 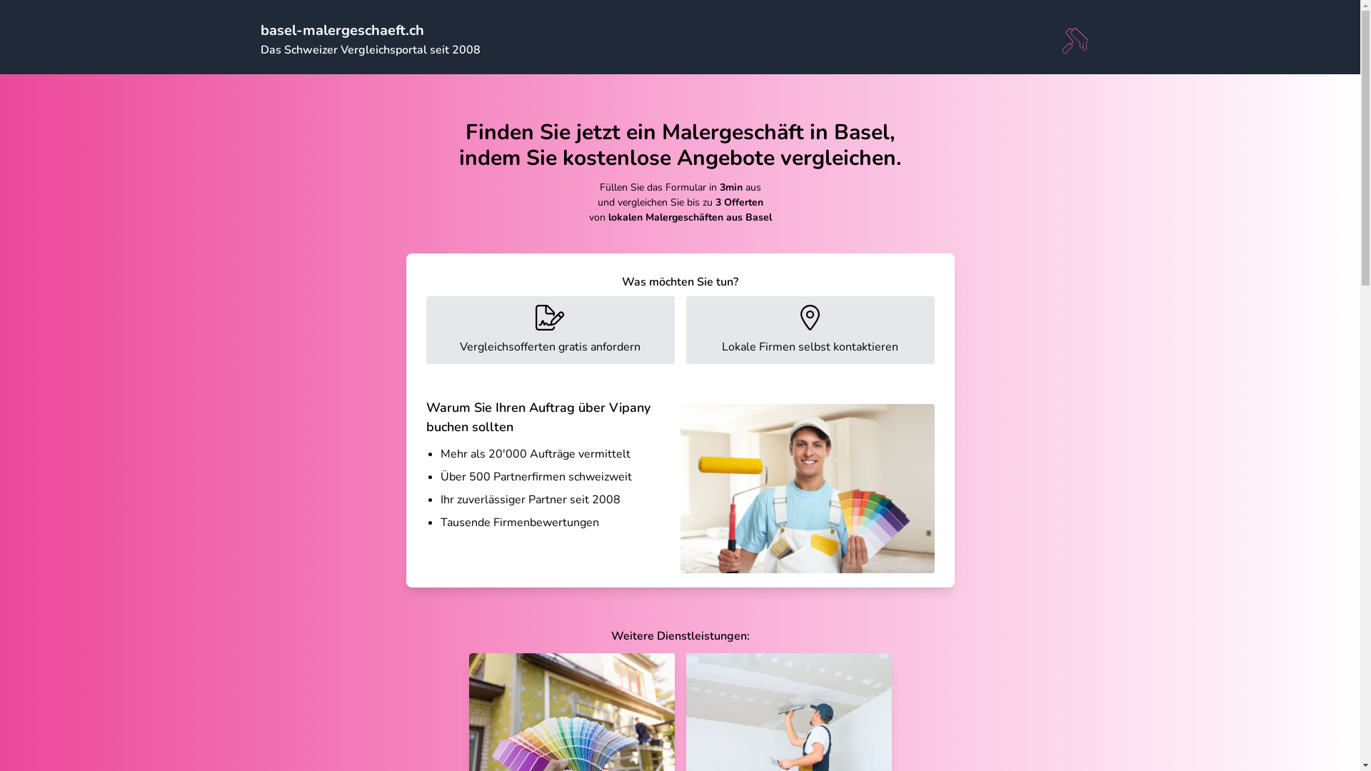 What do you see at coordinates (341, 30) in the screenshot?
I see `'basel-malergeschaeft.ch'` at bounding box center [341, 30].